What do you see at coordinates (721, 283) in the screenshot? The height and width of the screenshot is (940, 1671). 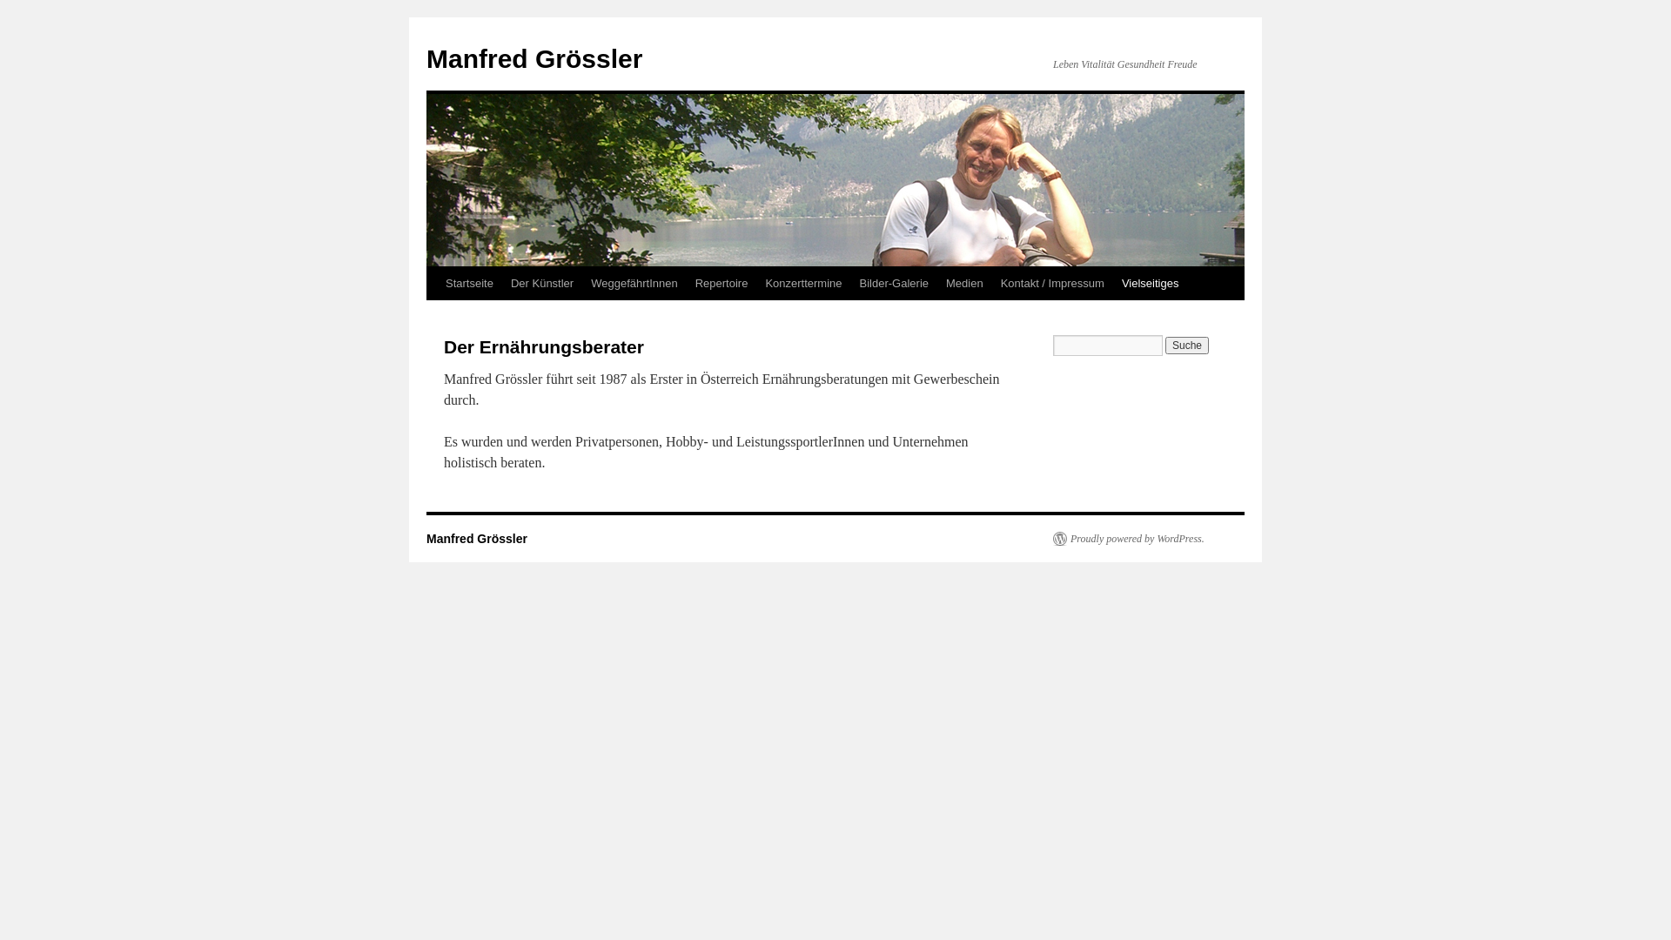 I see `'Repertoire'` at bounding box center [721, 283].